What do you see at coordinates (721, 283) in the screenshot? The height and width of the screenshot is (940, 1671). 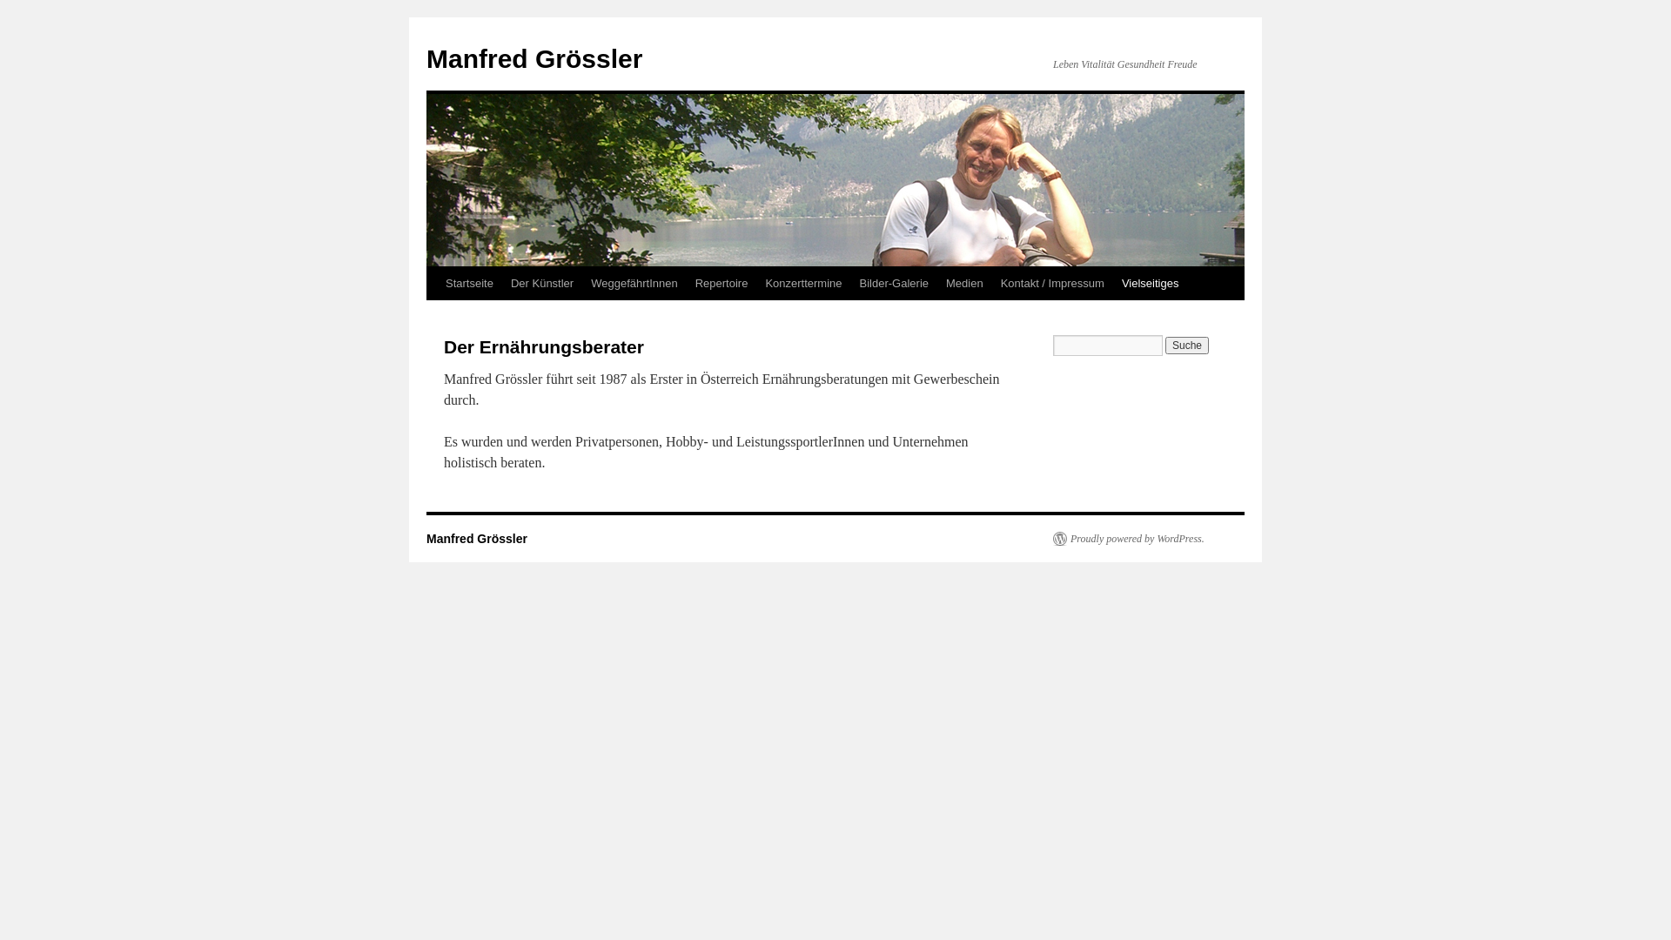 I see `'Repertoire'` at bounding box center [721, 283].